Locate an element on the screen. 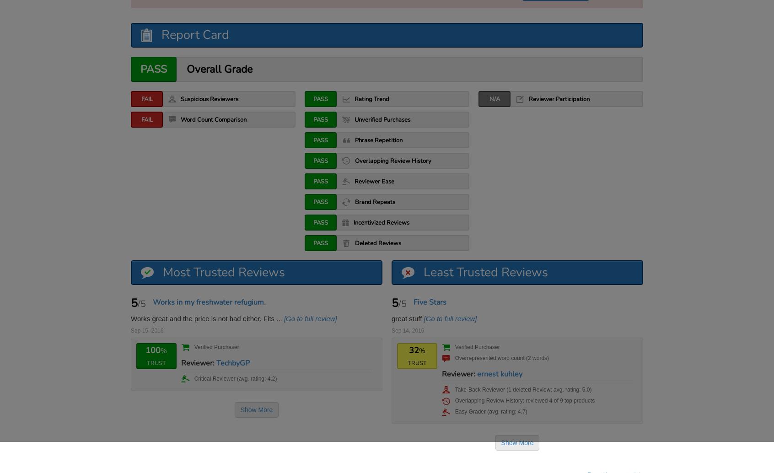 This screenshot has height=473, width=774. 'ernest kuhley' is located at coordinates (476, 373).